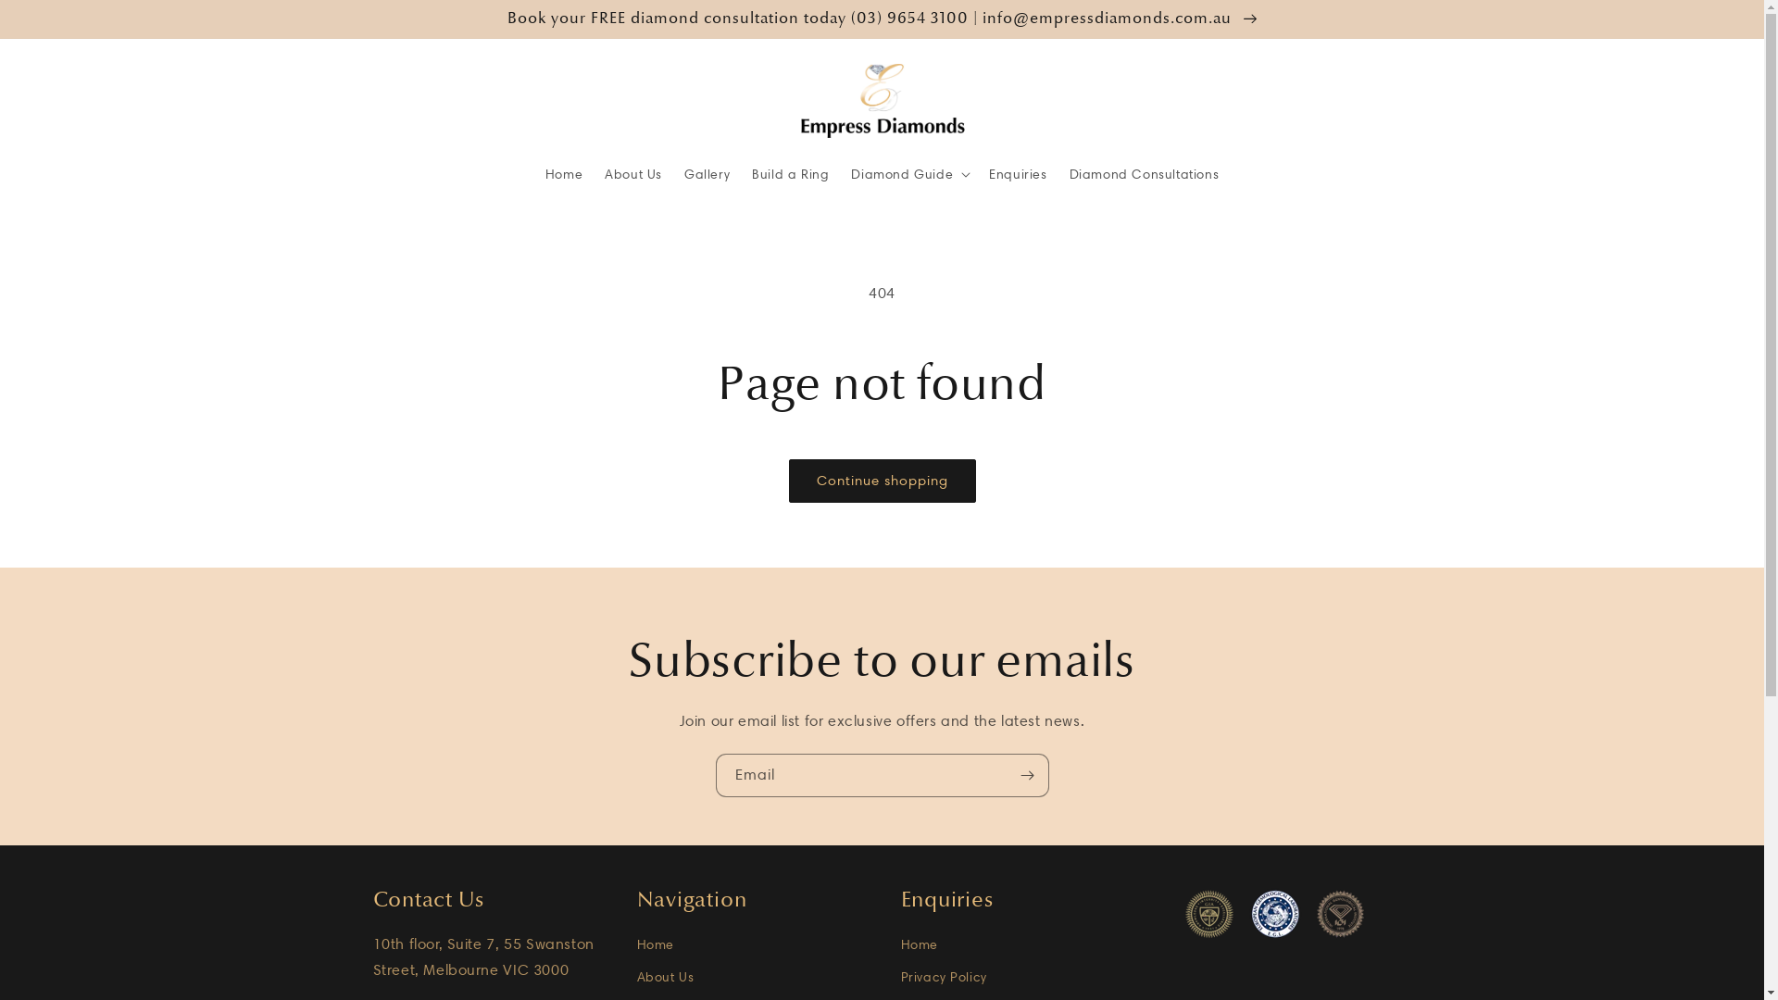  I want to click on 'Continue shopping', so click(882, 480).